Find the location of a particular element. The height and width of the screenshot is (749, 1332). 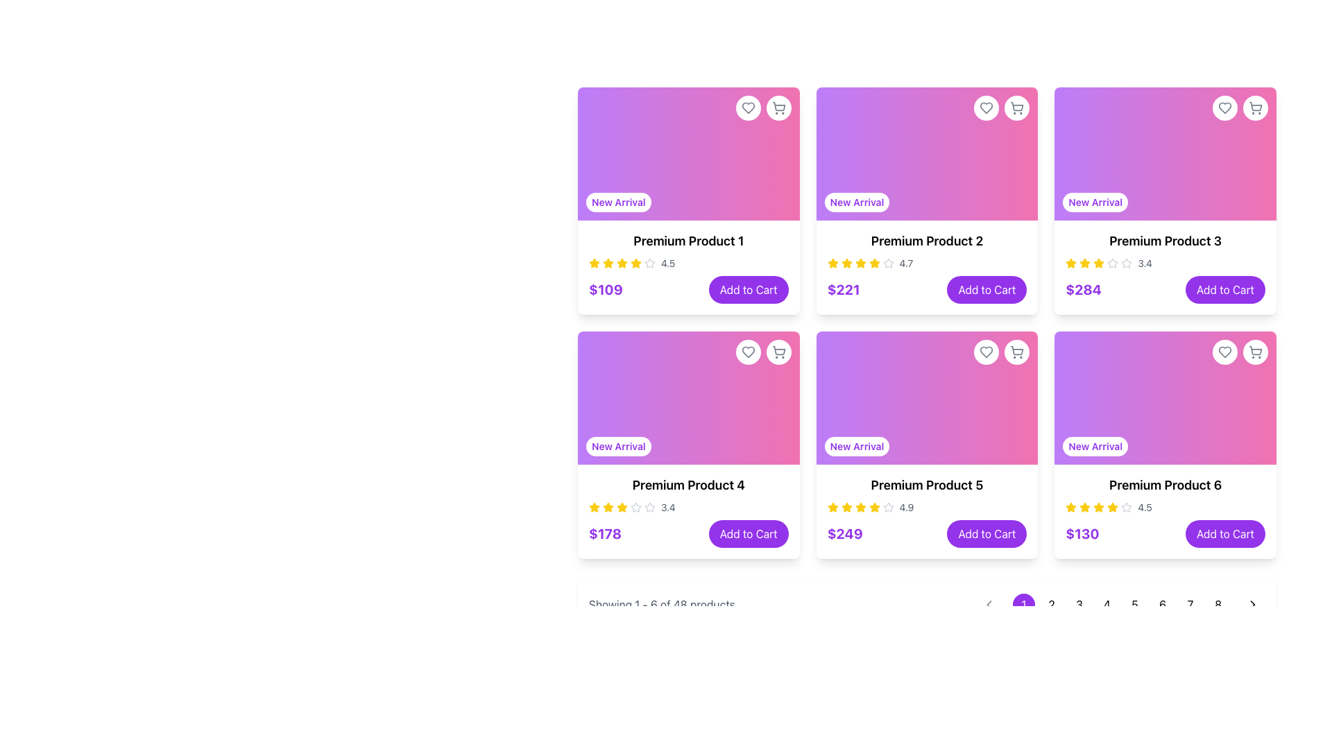

the first yellow filled star icon representing a rating of '4.5' in the product card for 'Premium Product 6' located at the bottom-right corner is located at coordinates (1070, 508).